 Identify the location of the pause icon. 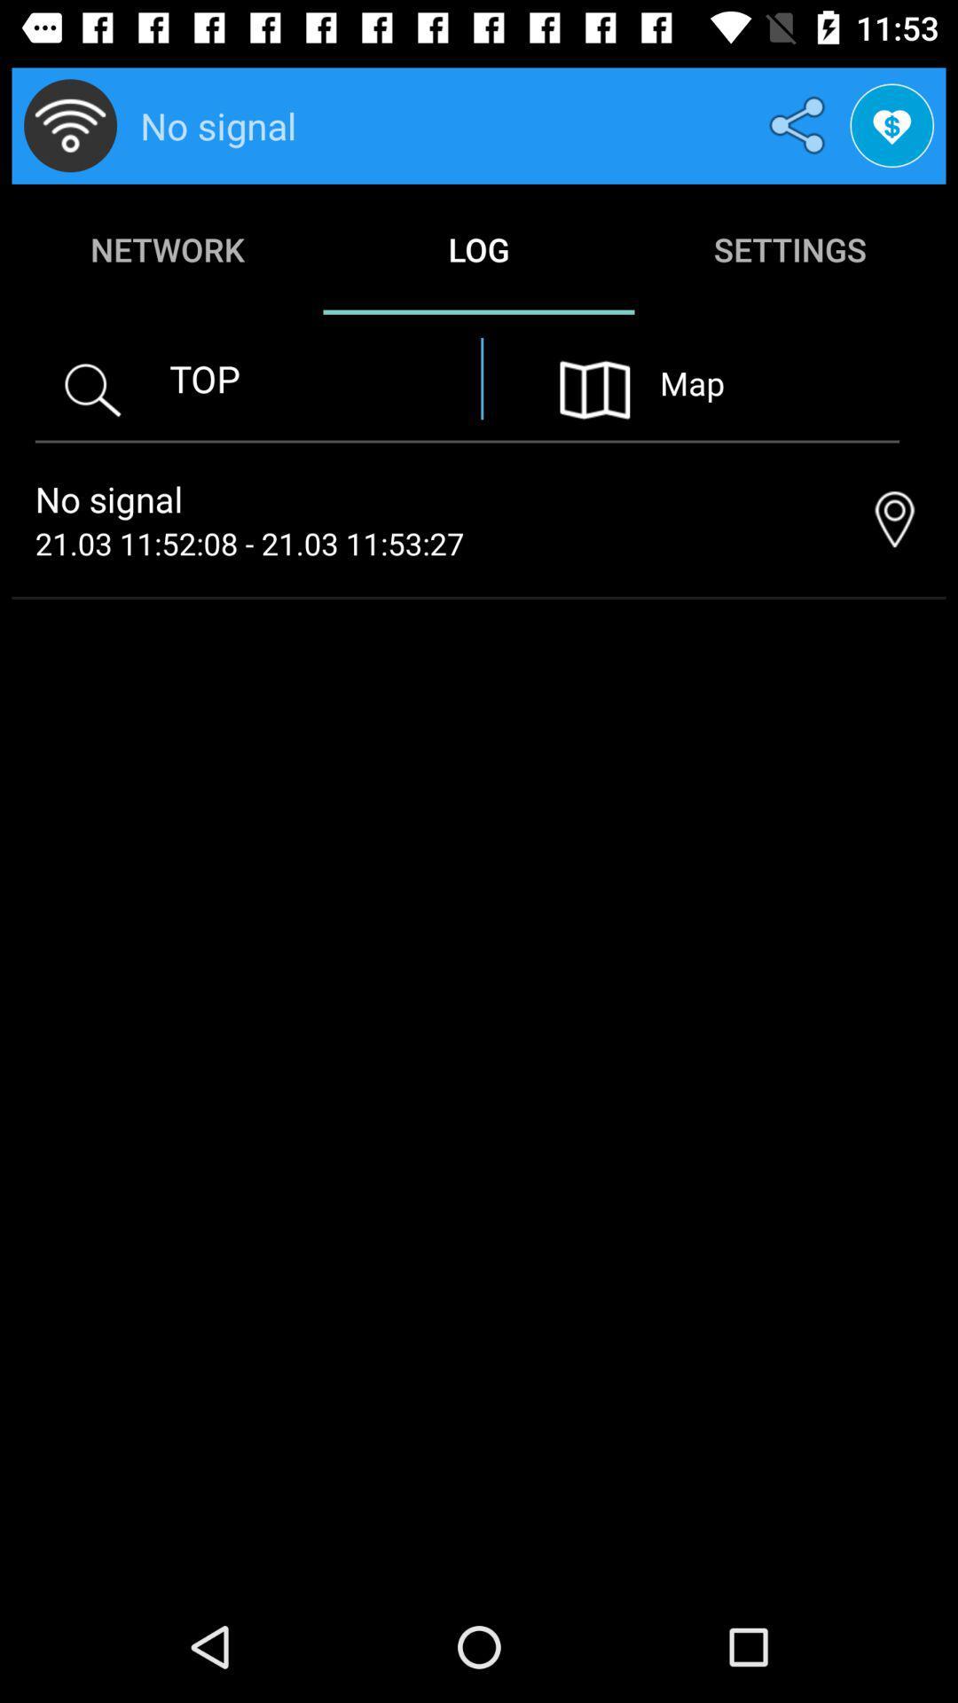
(594, 388).